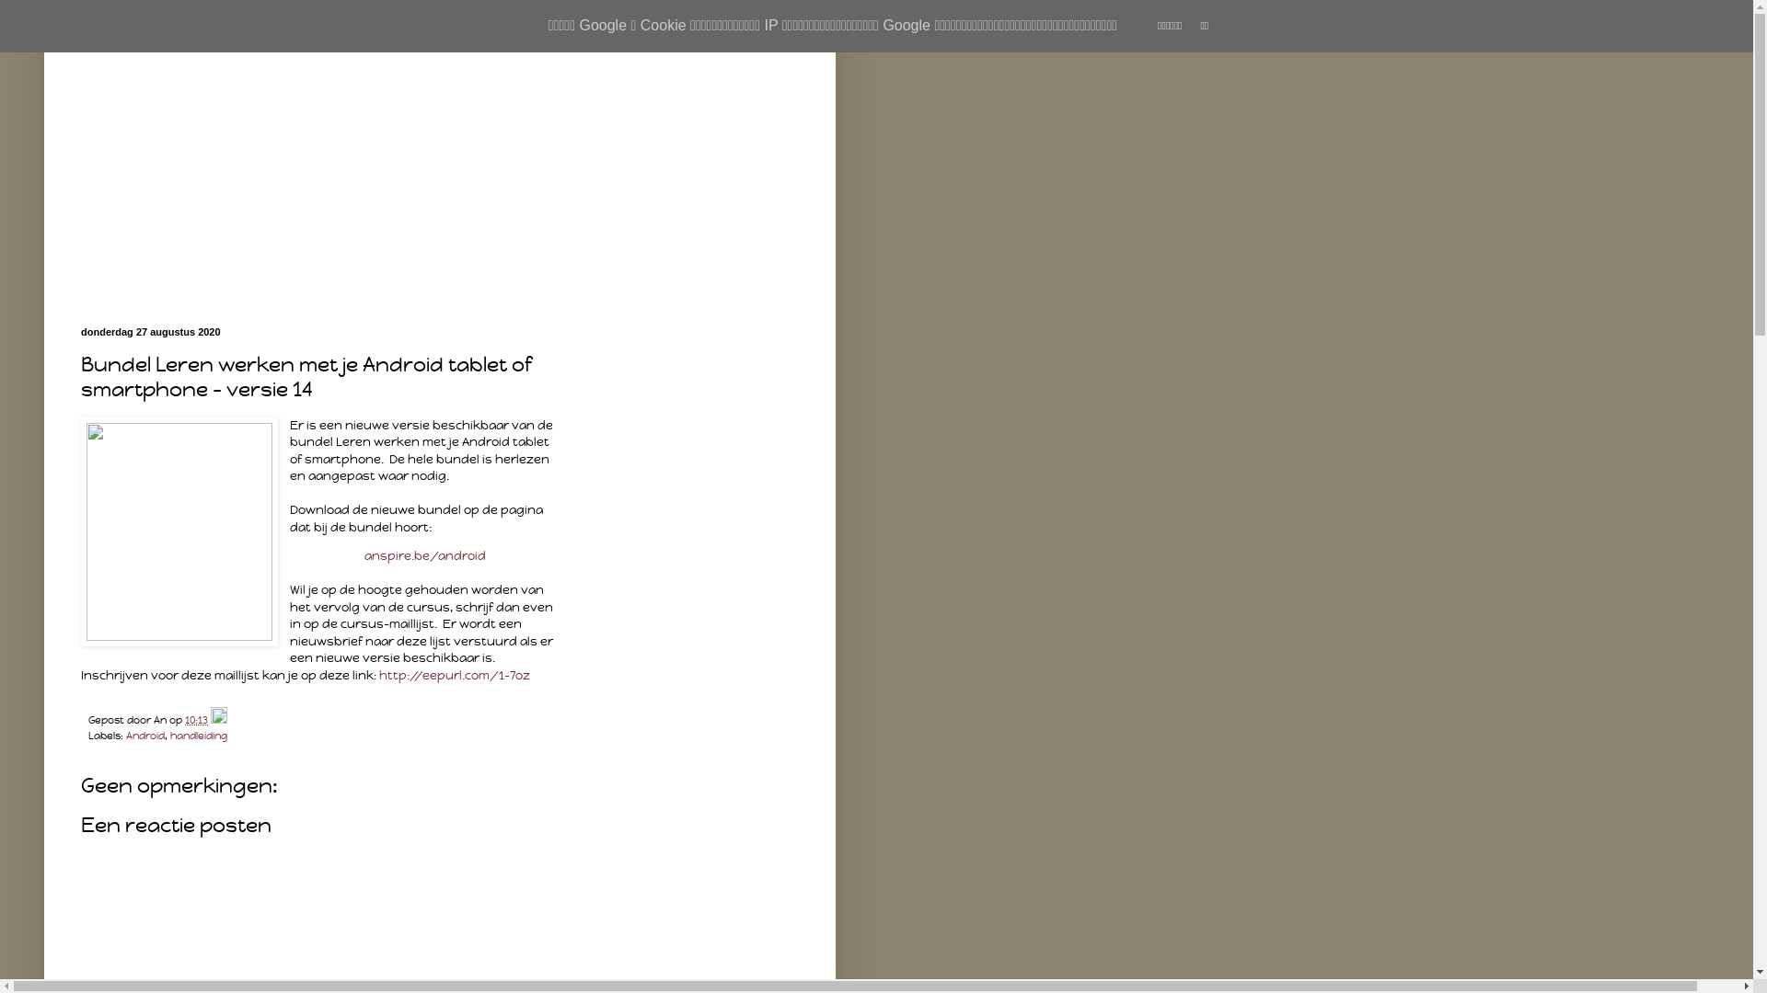  I want to click on 'Android', so click(144, 734).